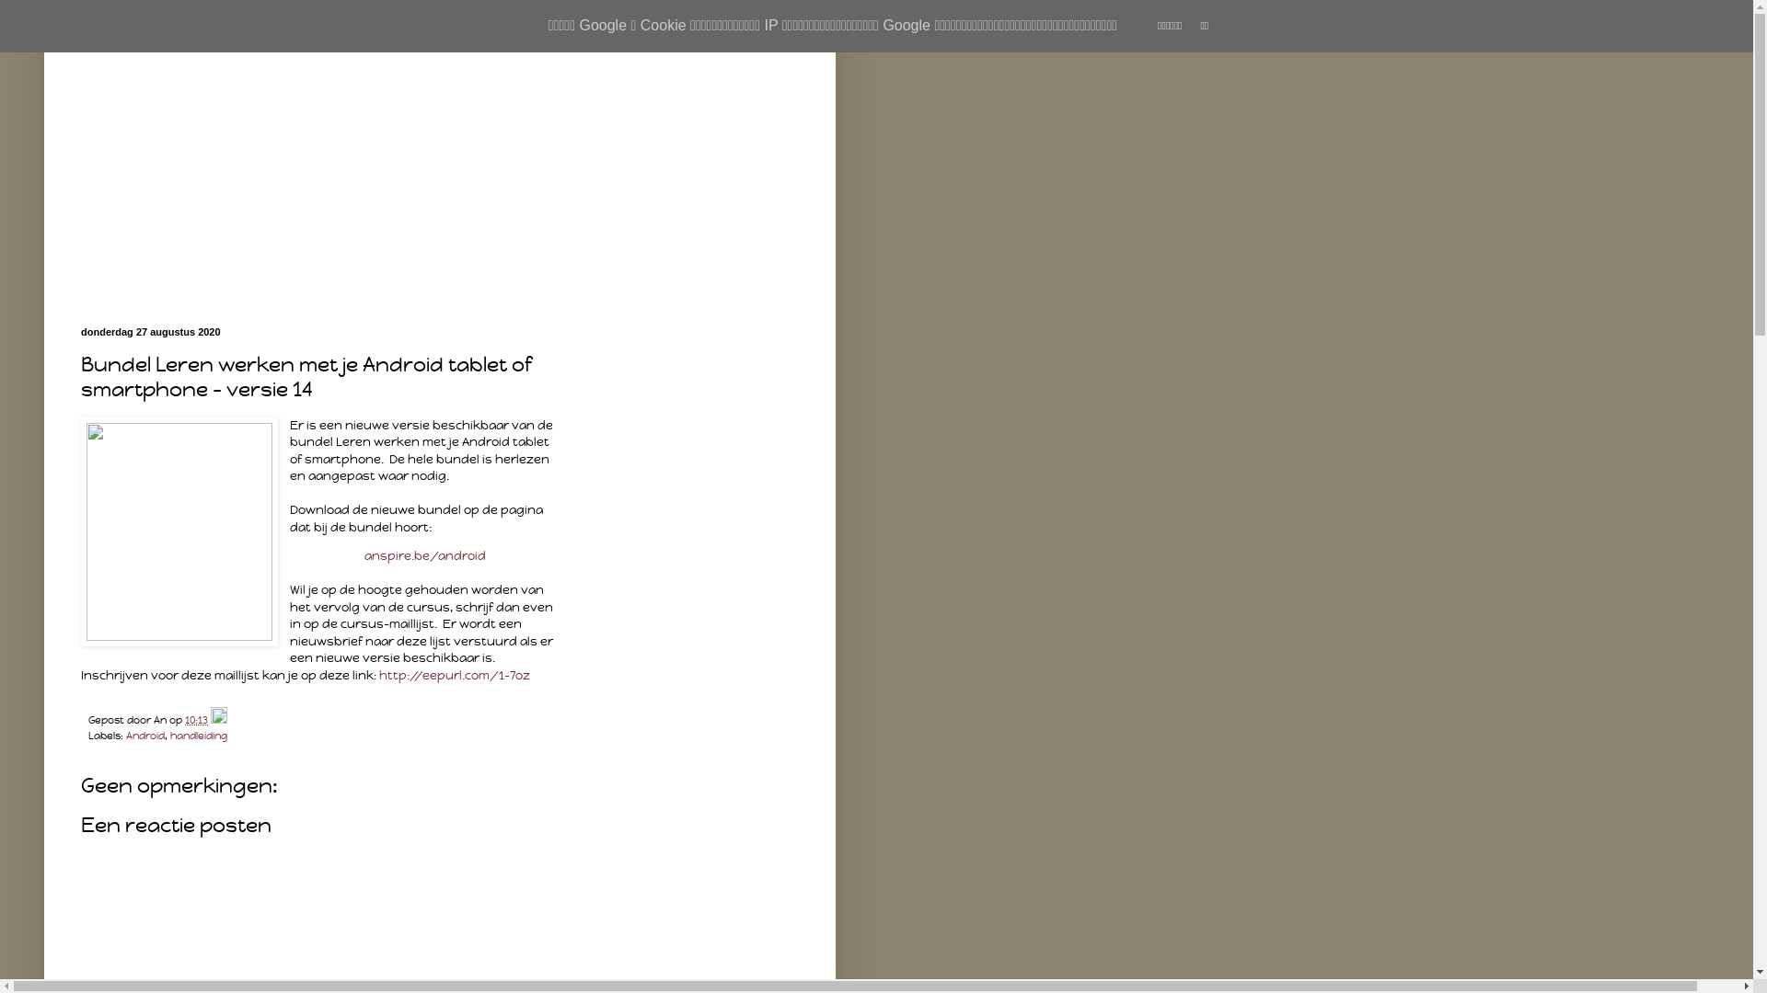  I want to click on 'Android', so click(144, 734).